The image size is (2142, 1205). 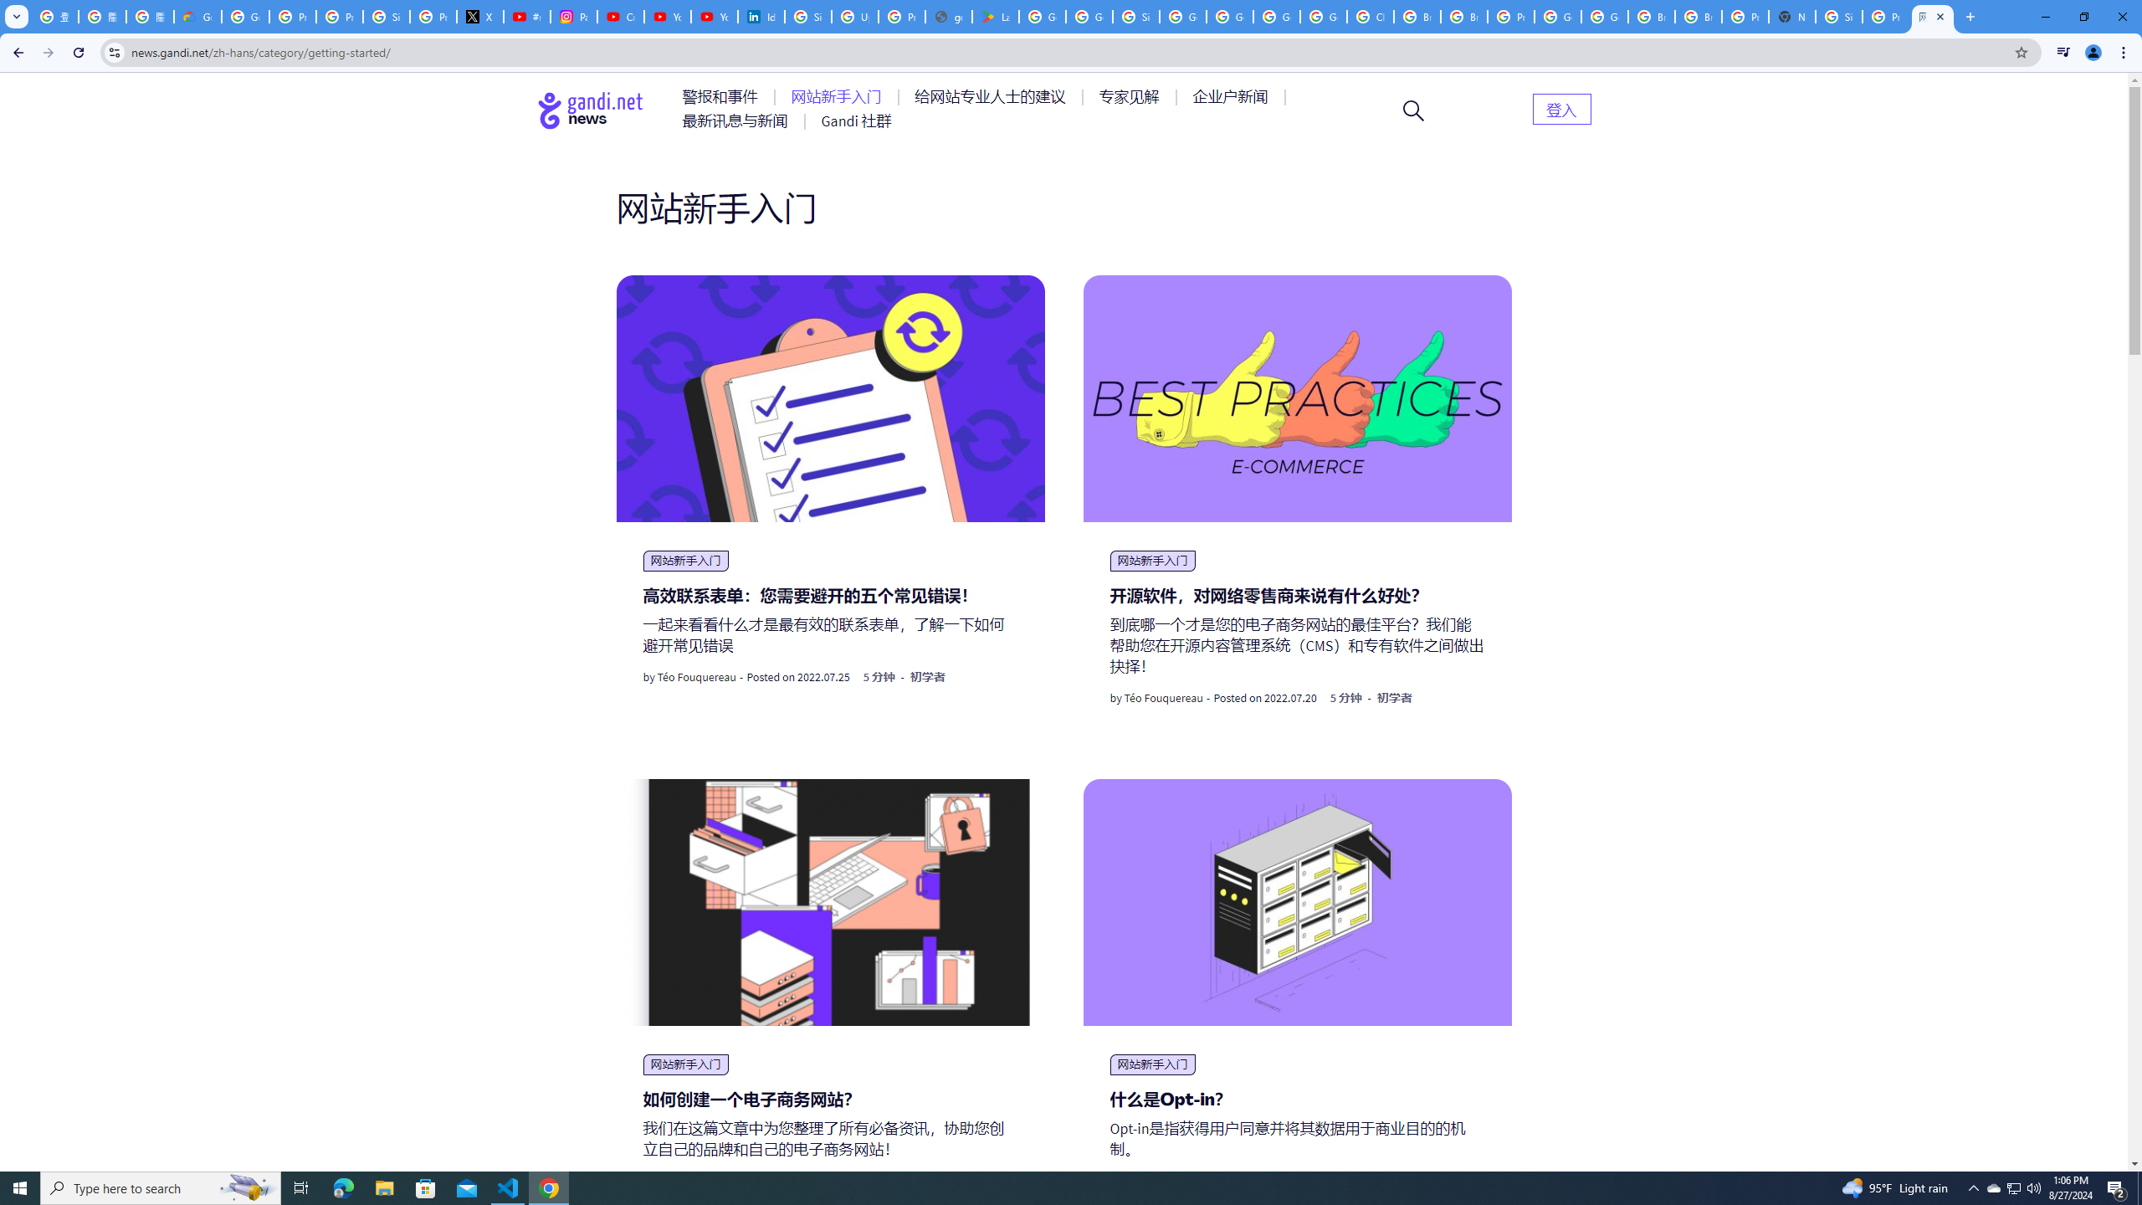 What do you see at coordinates (1412, 109) in the screenshot?
I see `'Open search form'` at bounding box center [1412, 109].